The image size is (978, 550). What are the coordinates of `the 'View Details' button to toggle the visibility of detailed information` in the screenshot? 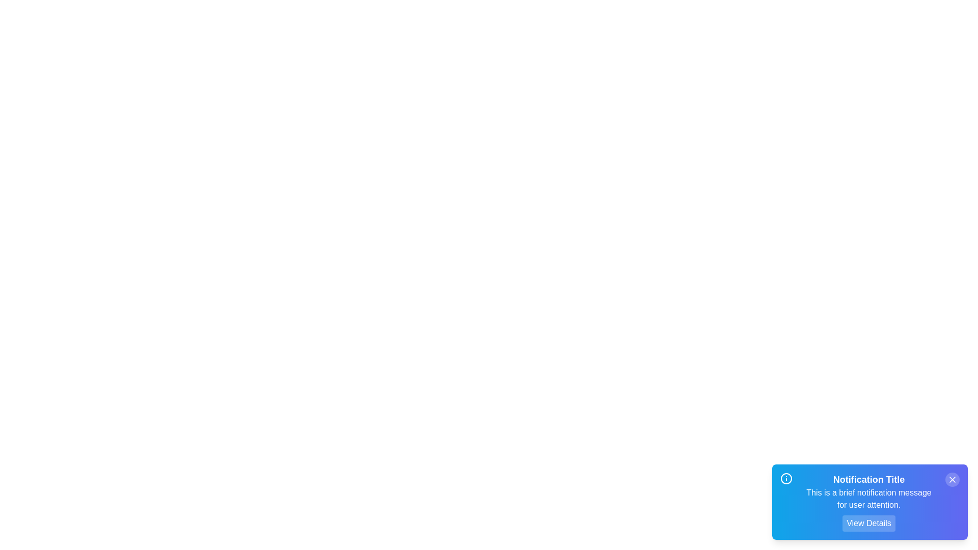 It's located at (868, 524).